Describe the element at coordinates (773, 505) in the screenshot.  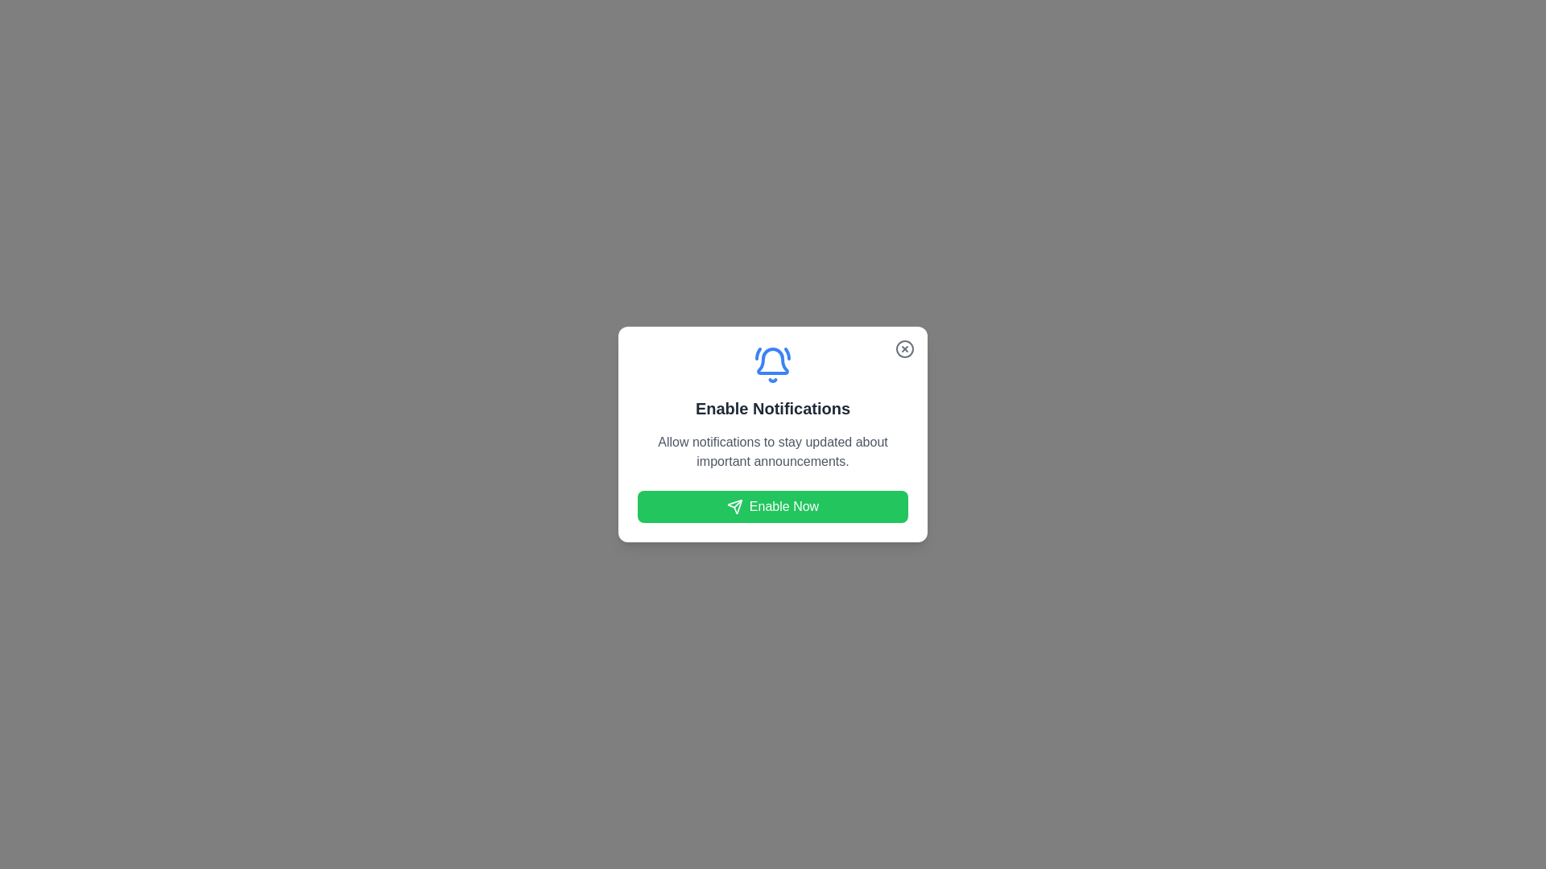
I see `'Enable Now' button to enable notifications` at that location.